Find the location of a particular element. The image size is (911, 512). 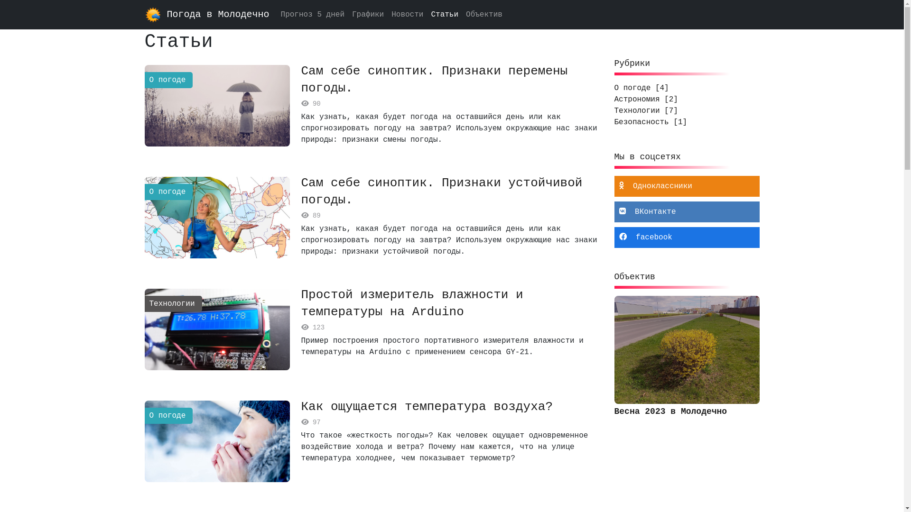

'facebook' is located at coordinates (686, 237).